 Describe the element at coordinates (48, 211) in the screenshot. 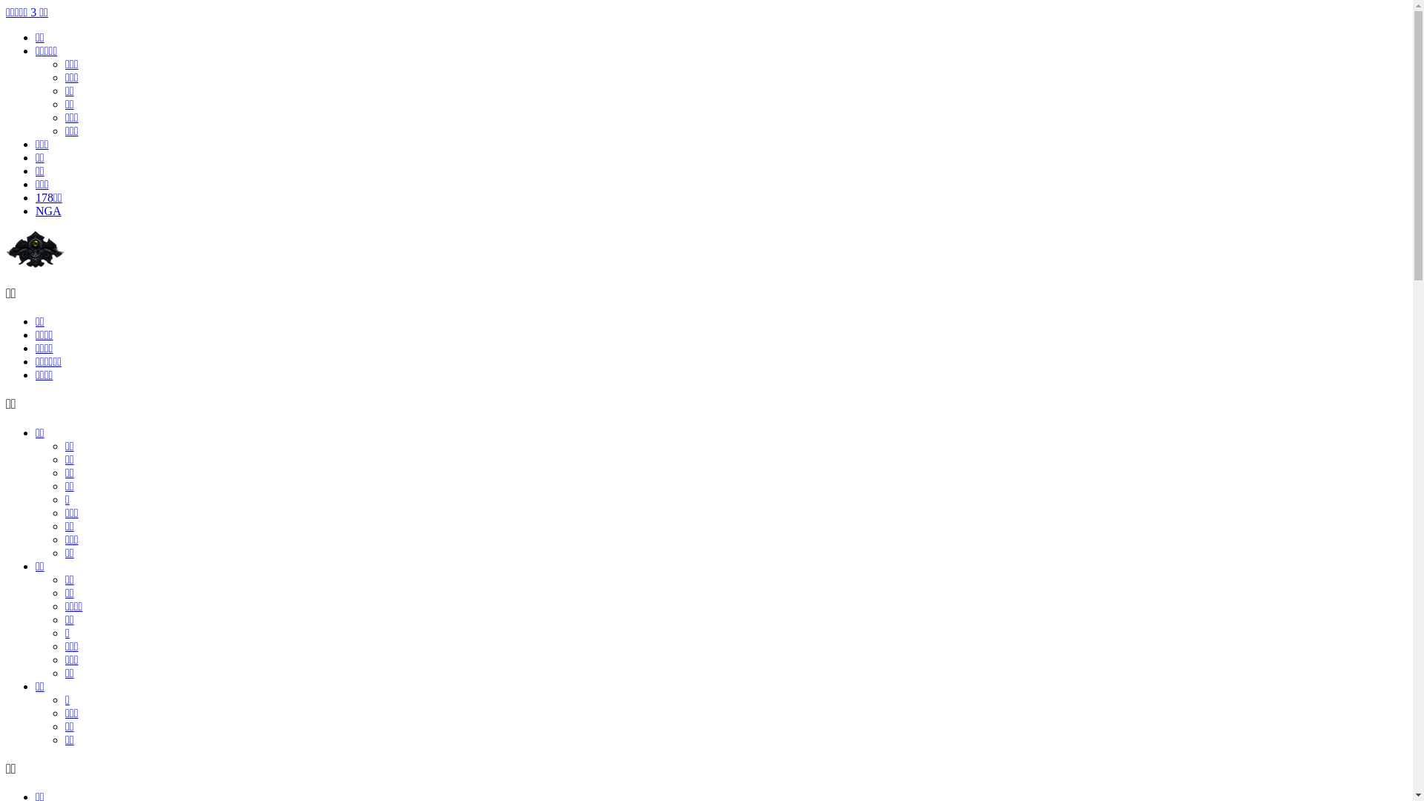

I see `'NGA'` at that location.